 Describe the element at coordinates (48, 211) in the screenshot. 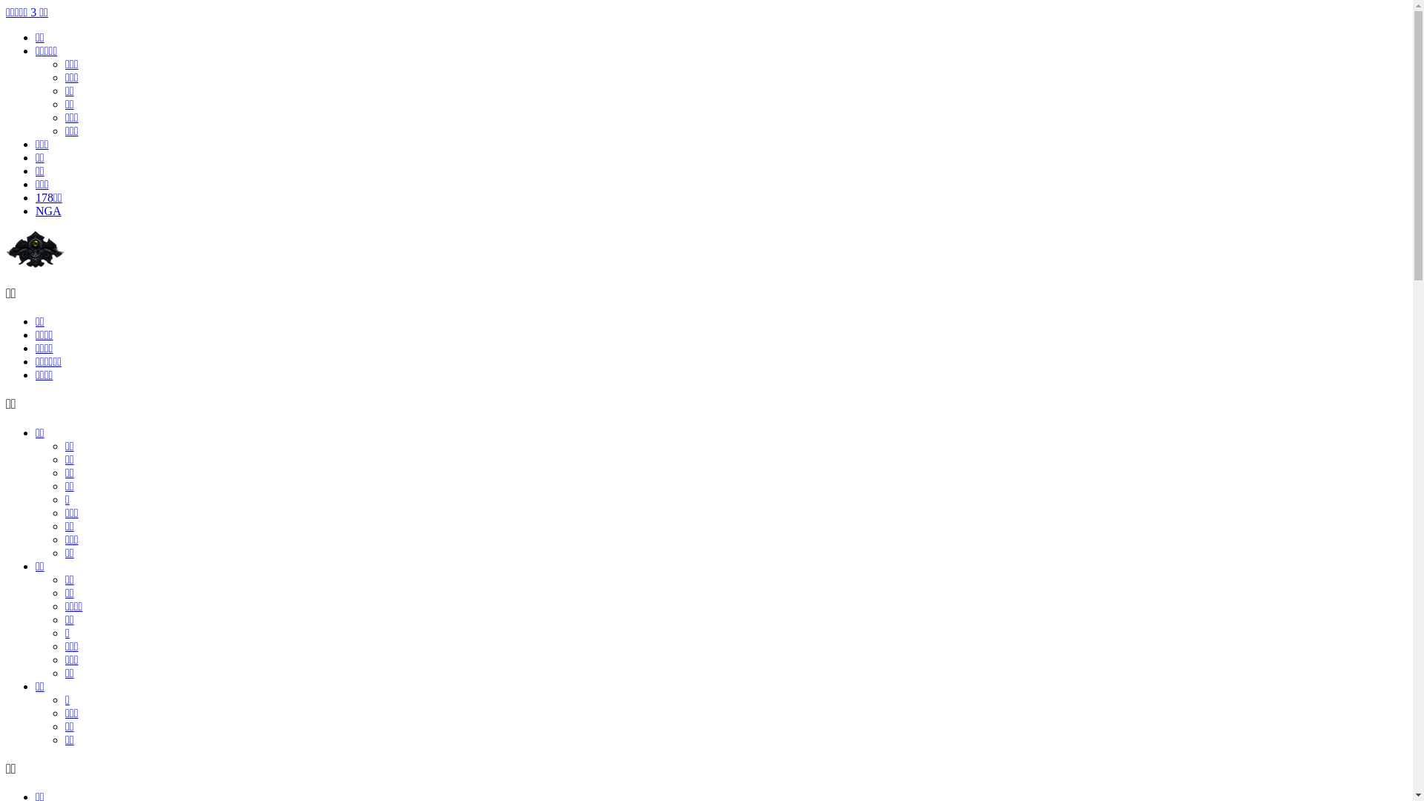

I see `'NGA'` at that location.